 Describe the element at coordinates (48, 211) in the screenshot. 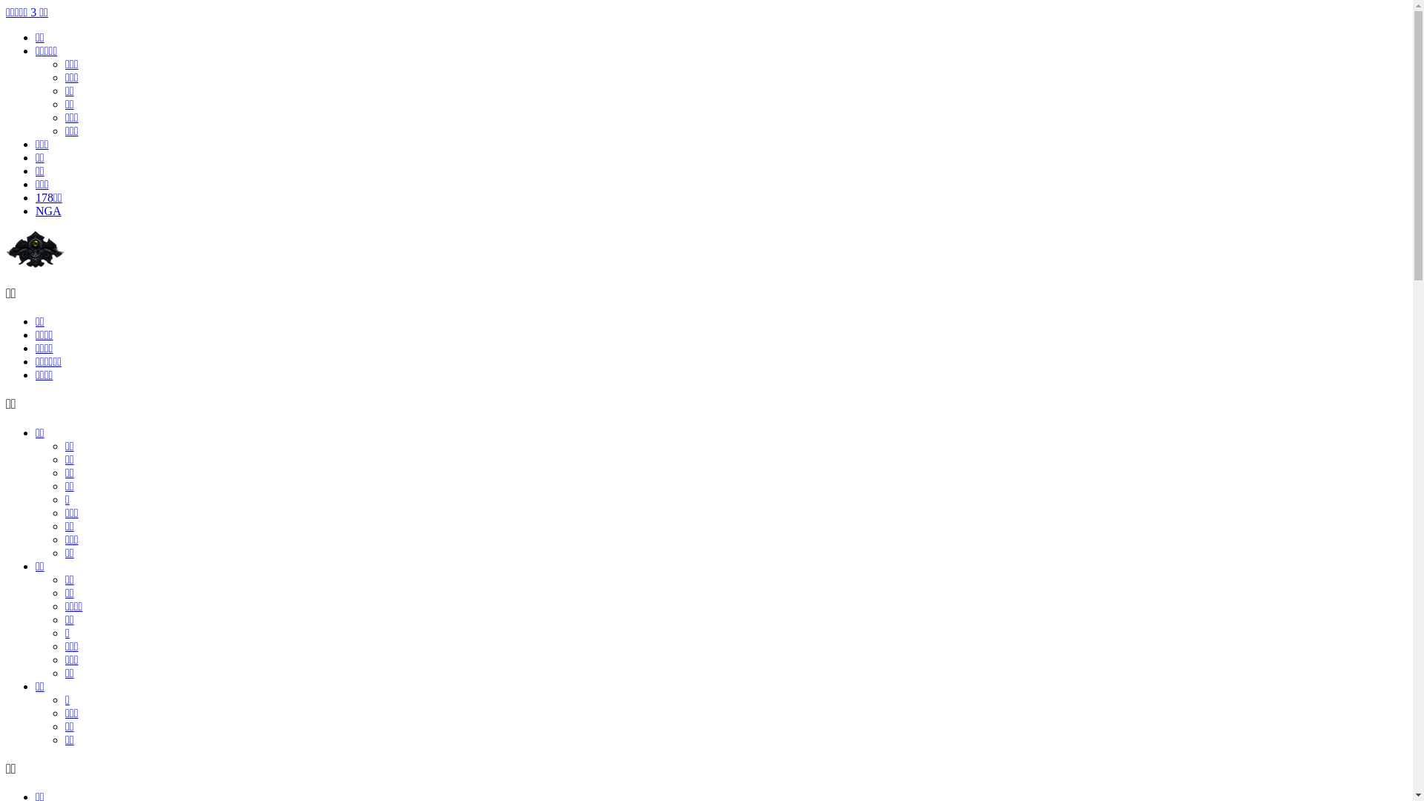

I see `'NGA'` at that location.